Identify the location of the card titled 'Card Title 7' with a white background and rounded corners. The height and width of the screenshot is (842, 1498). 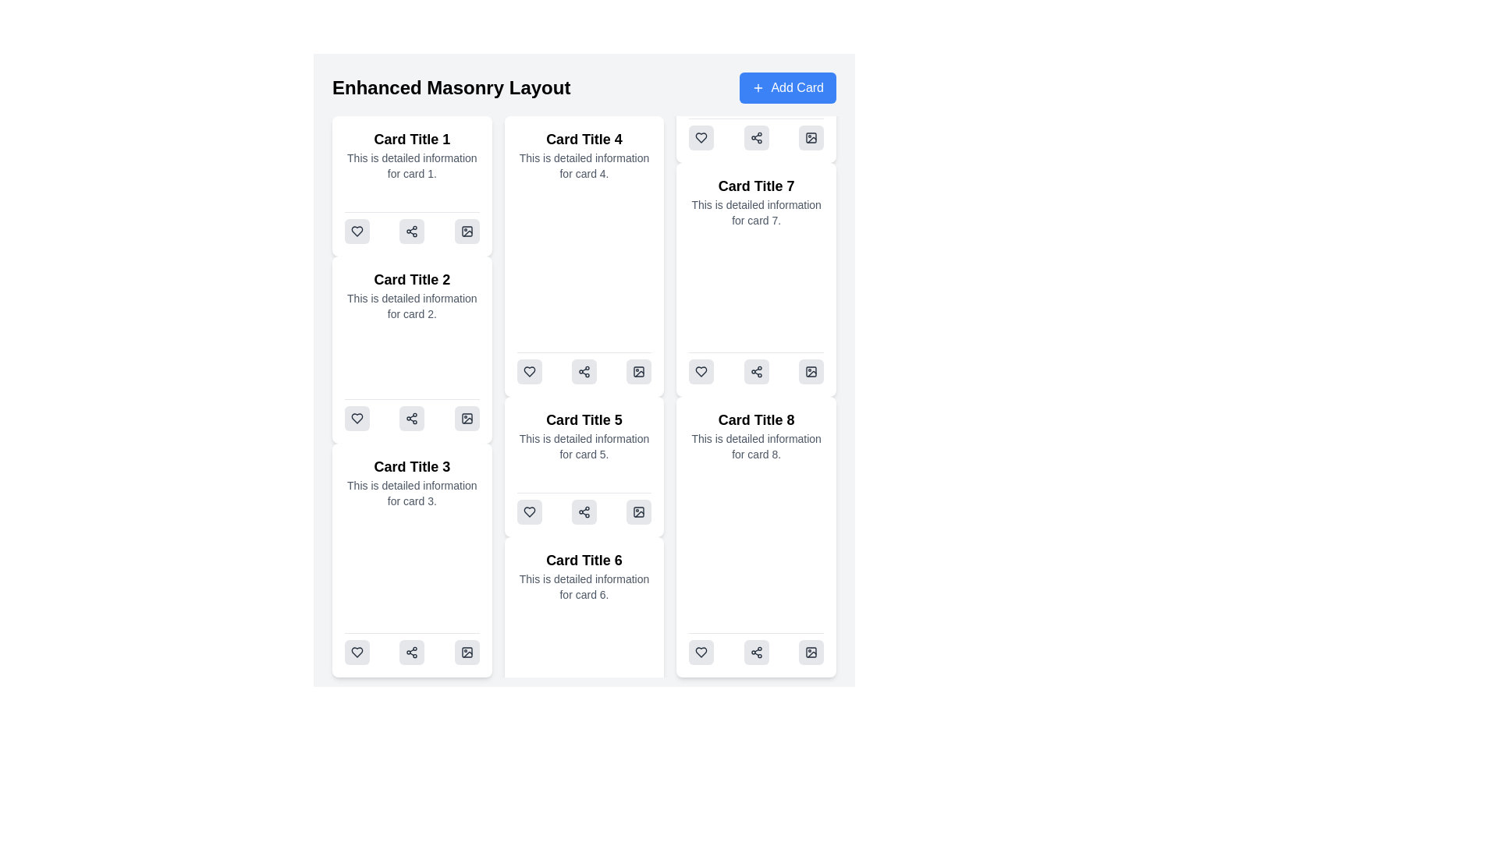
(756, 278).